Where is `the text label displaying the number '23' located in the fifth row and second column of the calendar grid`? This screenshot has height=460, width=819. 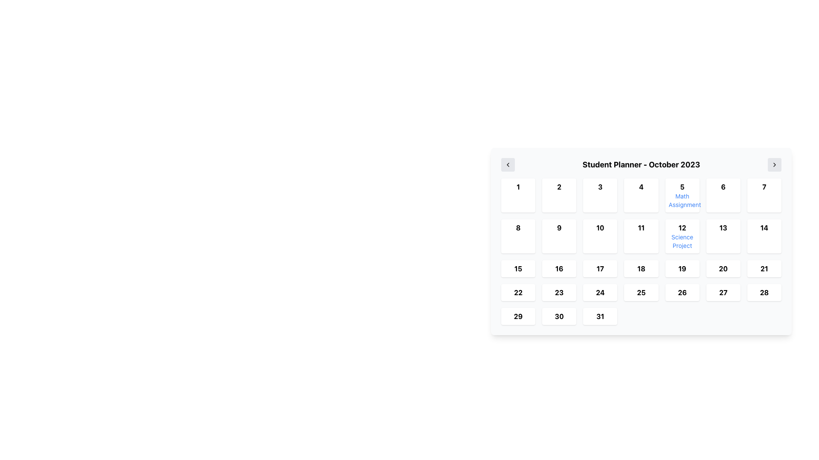 the text label displaying the number '23' located in the fifth row and second column of the calendar grid is located at coordinates (559, 292).